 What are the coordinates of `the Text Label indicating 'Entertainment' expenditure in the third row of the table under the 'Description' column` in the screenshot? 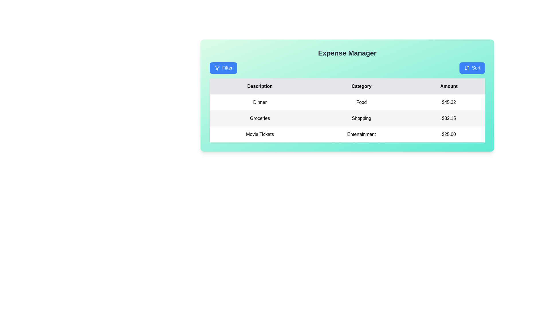 It's located at (260, 134).